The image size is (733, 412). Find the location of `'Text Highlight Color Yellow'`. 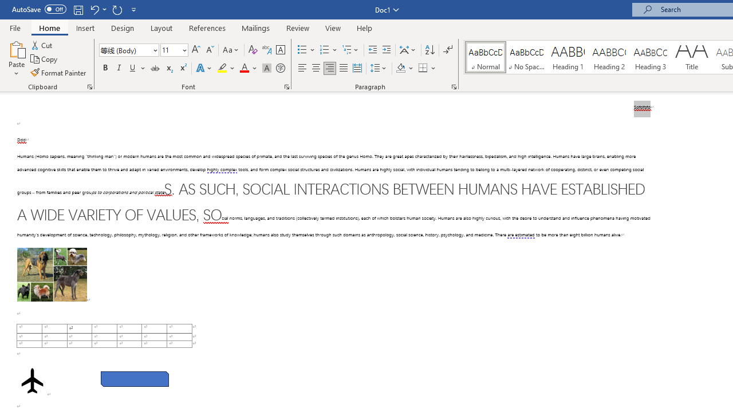

'Text Highlight Color Yellow' is located at coordinates (222, 68).